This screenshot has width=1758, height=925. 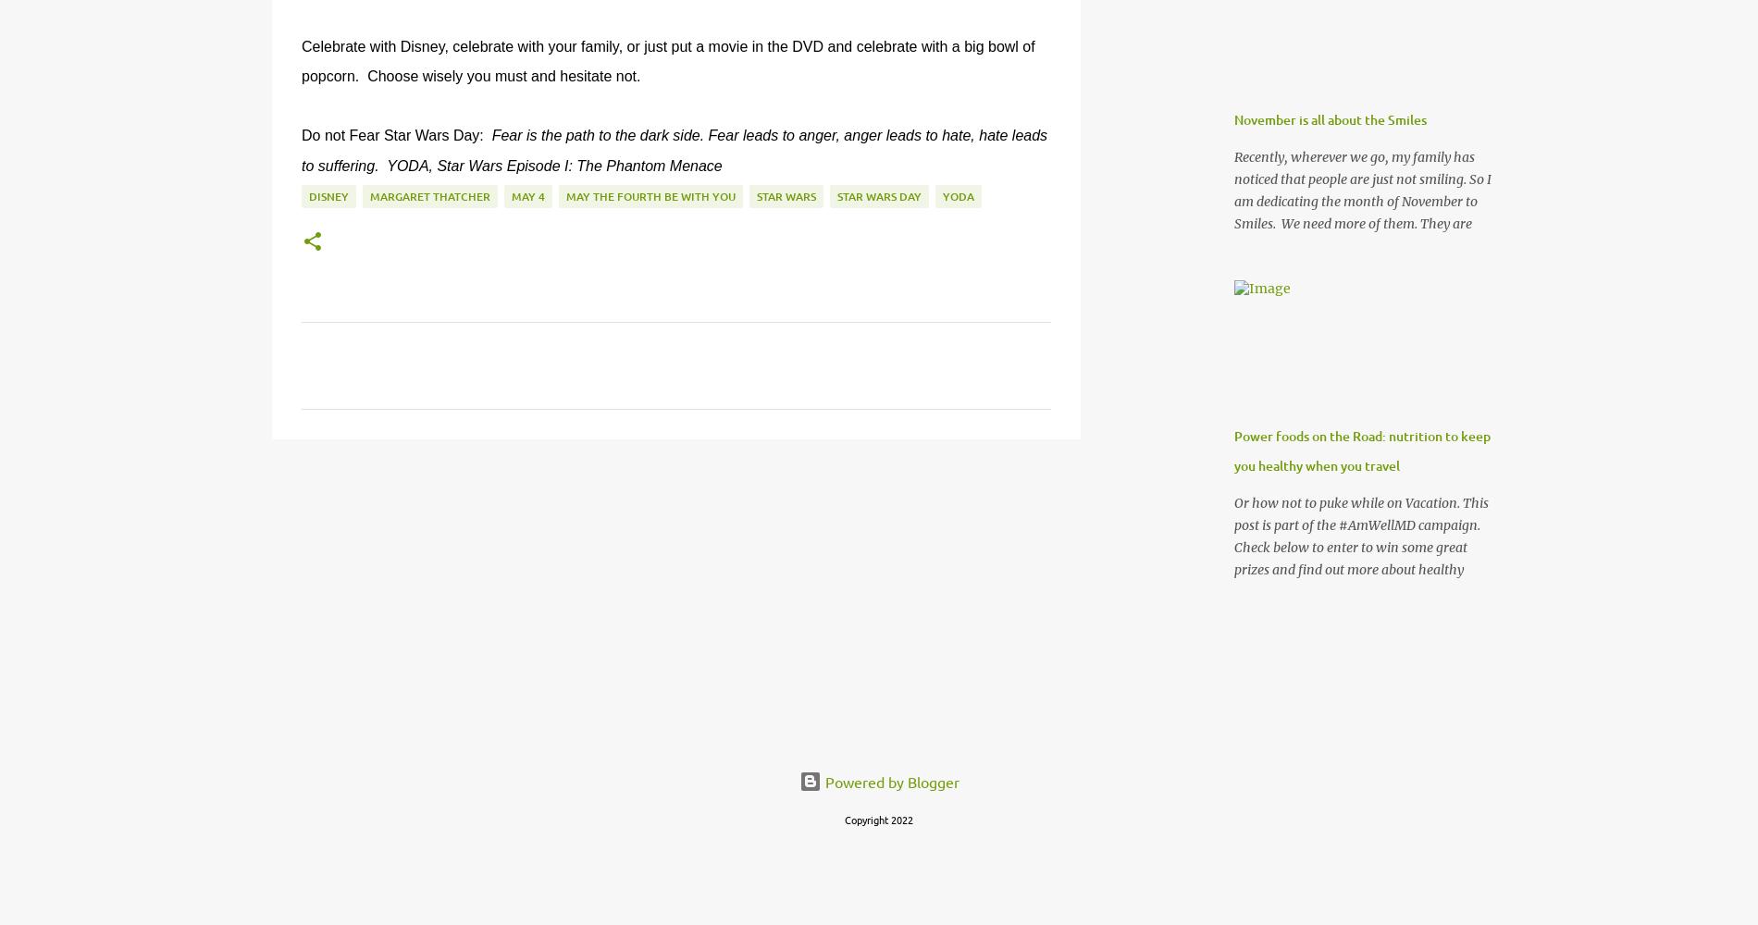 I want to click on 'Margaret Thatcher', so click(x=428, y=195).